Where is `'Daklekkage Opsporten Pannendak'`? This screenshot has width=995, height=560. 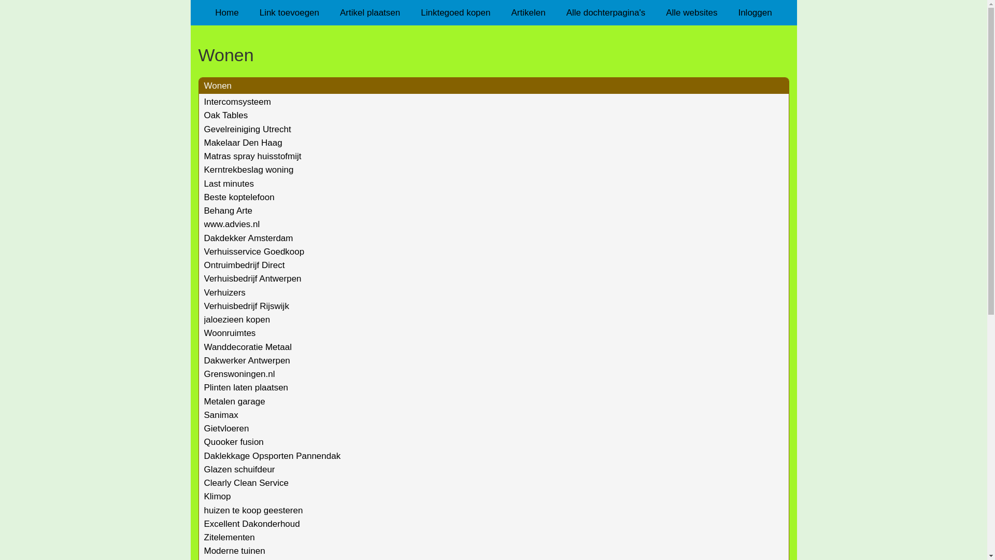 'Daklekkage Opsporten Pannendak' is located at coordinates (273, 455).